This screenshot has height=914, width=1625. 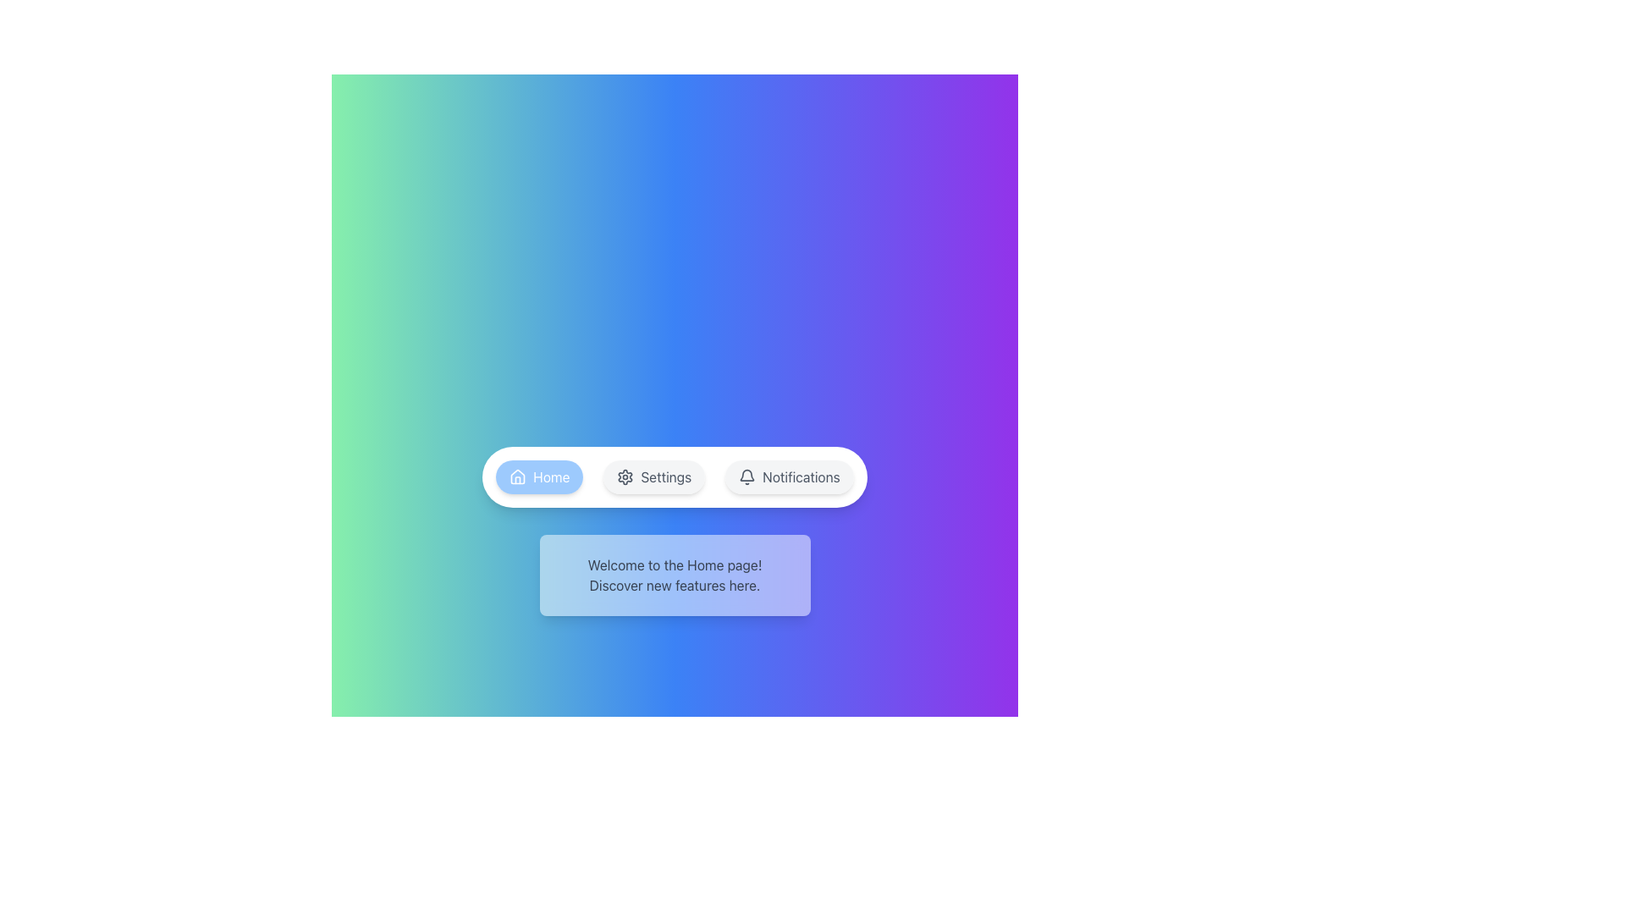 I want to click on the 'Home' button, which is a rounded rectangular button with a light blue background and white text displaying 'Home', to observe any hover effects, so click(x=538, y=476).